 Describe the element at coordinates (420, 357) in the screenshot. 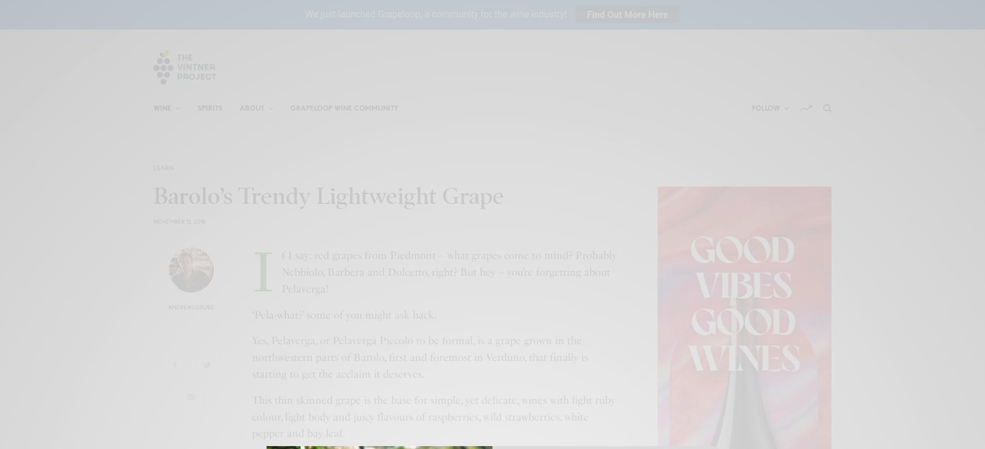

I see `'Yes, Pelaverga, or Pelaverga Piccolo to be formal, is a grape grown in the northwestern parts of Barolo, first and foremost in Verduno, that finally is starting to get the acclaim it deserves.'` at that location.